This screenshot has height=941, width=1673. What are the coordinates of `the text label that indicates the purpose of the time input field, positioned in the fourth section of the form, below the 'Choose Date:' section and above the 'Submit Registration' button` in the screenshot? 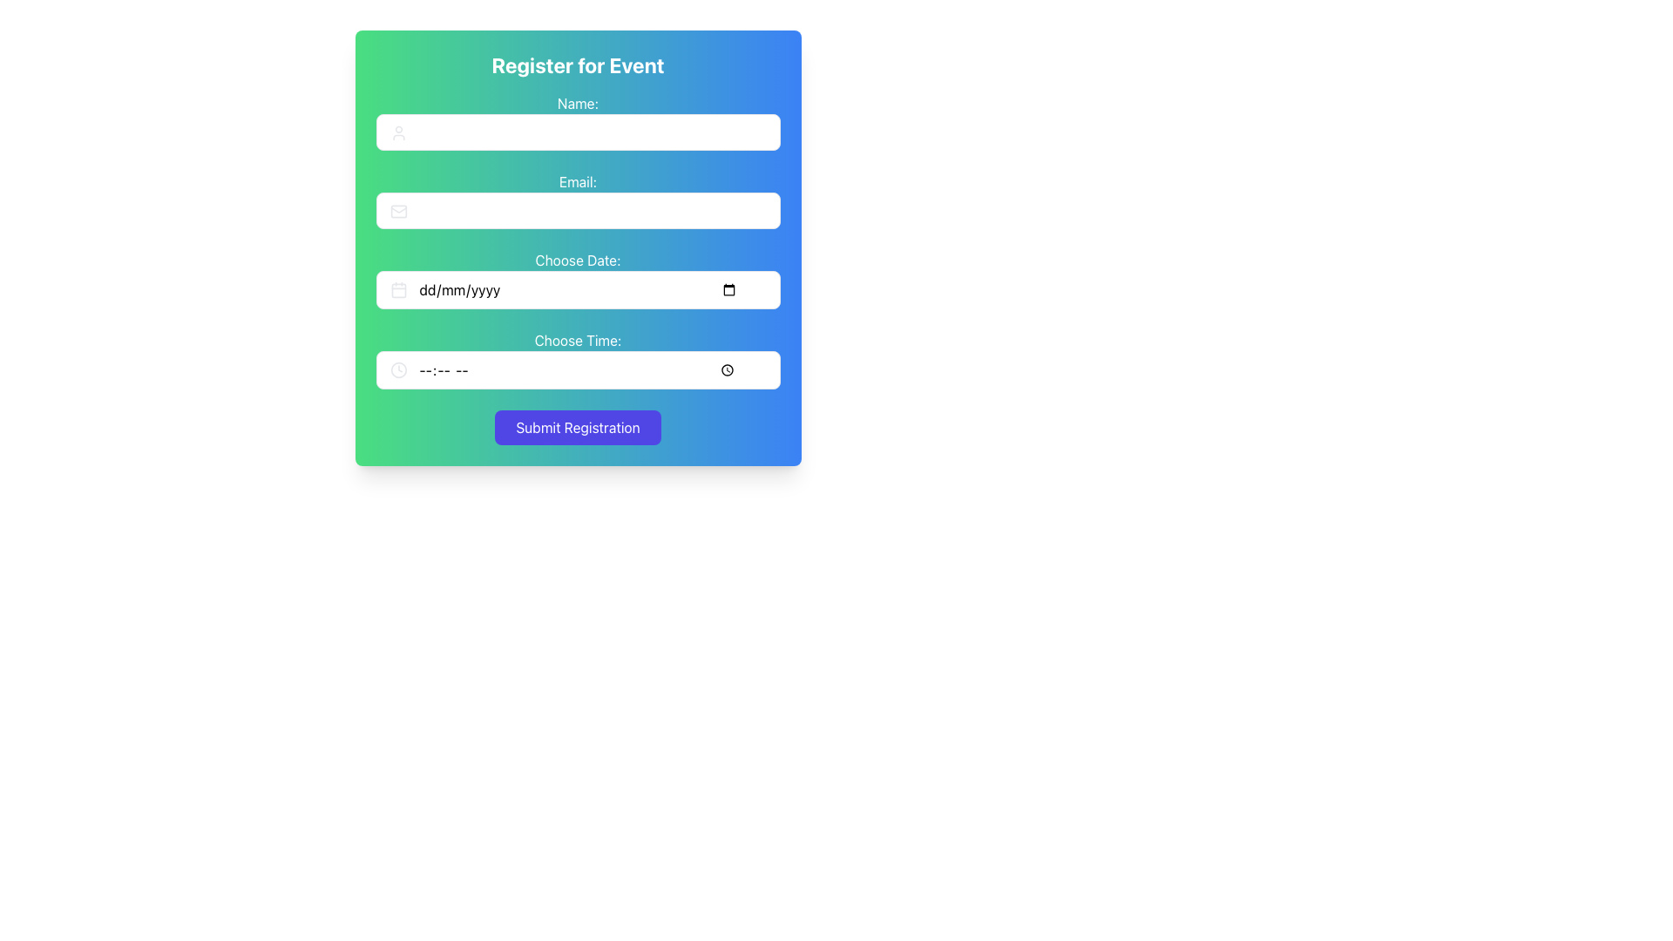 It's located at (578, 358).